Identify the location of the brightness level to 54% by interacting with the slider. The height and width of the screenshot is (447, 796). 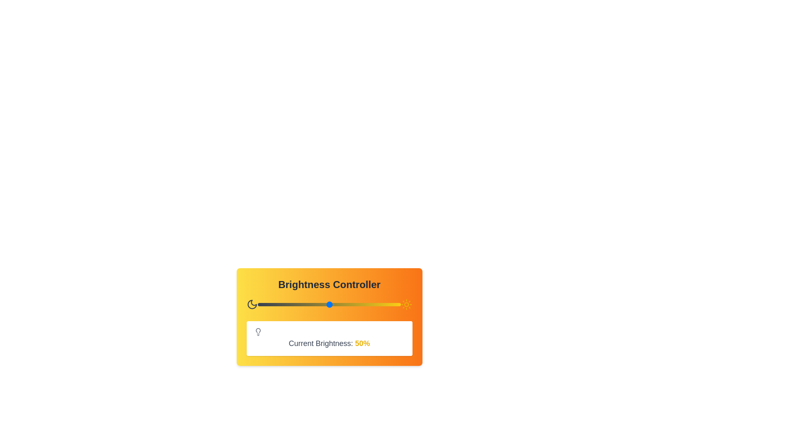
(335, 305).